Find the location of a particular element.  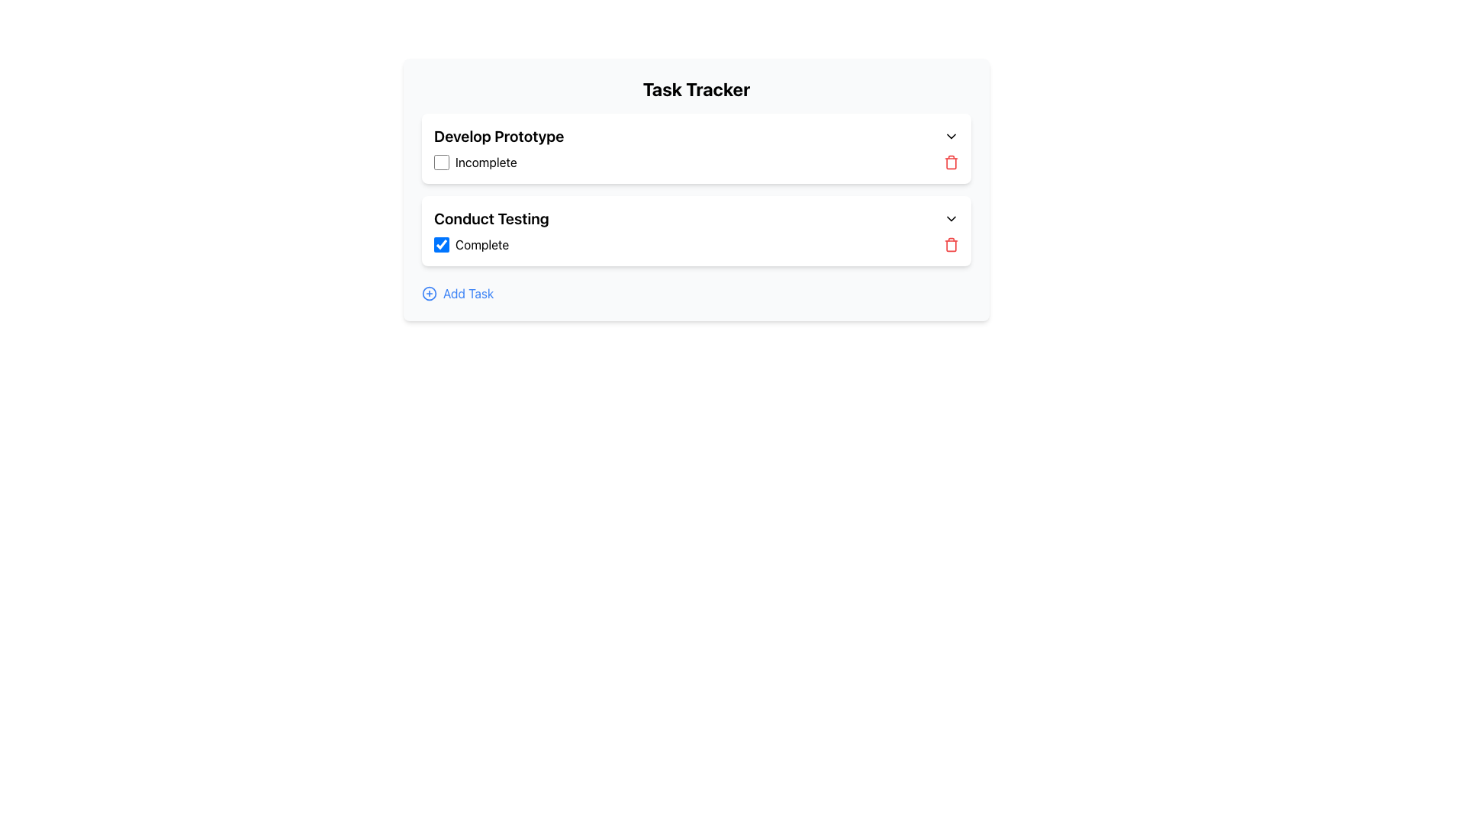

the plus sign icon inside a circle, located to the left of the 'Add Task' text is located at coordinates (428, 294).